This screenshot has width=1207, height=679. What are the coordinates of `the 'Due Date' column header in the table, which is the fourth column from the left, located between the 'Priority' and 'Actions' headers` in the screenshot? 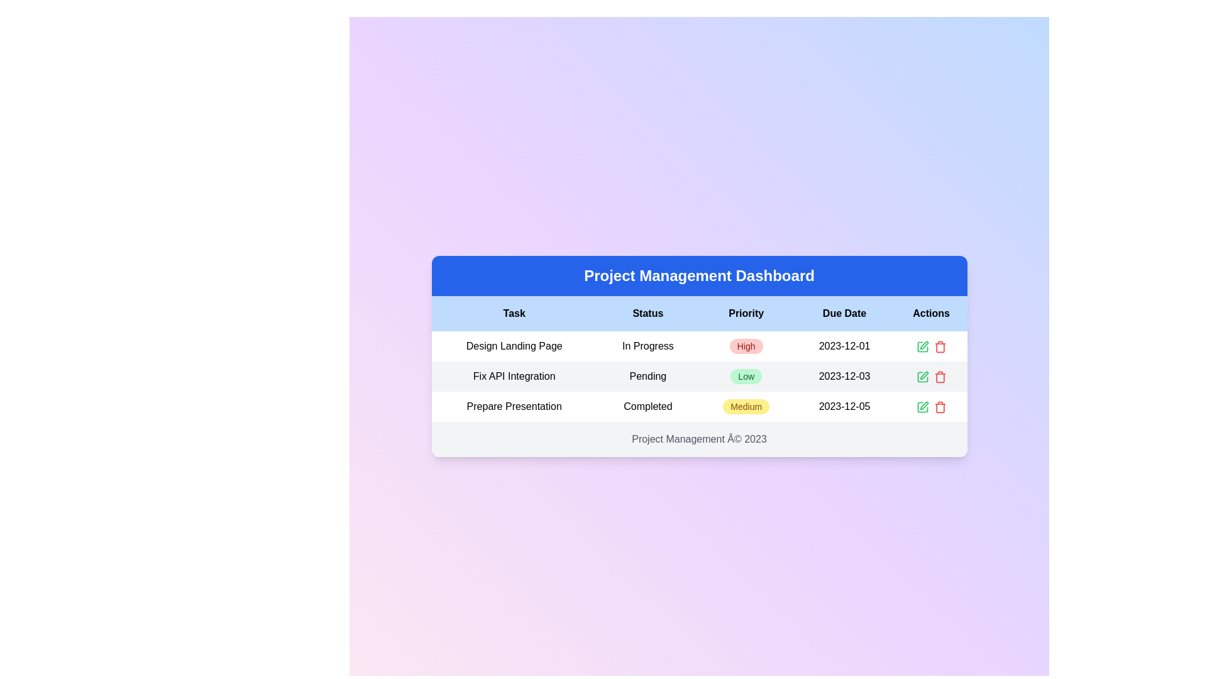 It's located at (844, 312).